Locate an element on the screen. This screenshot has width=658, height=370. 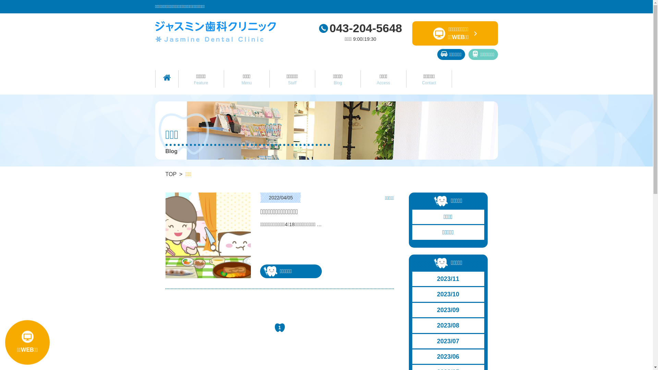
'043-204-5648' is located at coordinates (360, 27).